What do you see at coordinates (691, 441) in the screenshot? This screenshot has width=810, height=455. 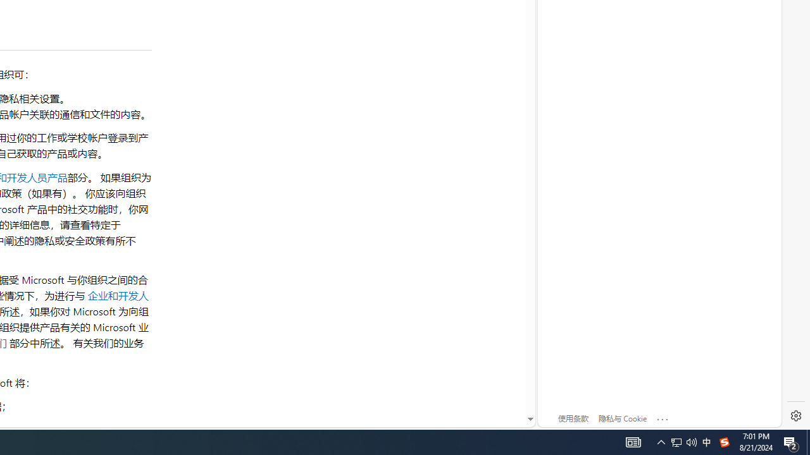 I see `'Q2790: 100%'` at bounding box center [691, 441].